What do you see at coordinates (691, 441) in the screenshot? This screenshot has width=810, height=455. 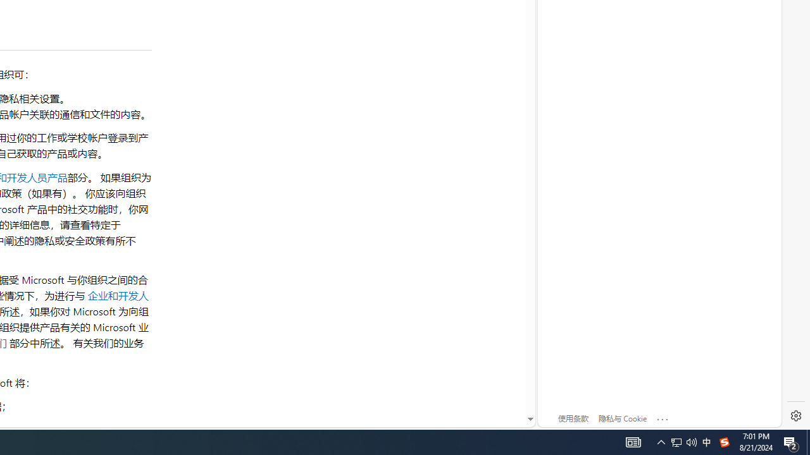 I see `'Q2790: 100%'` at bounding box center [691, 441].